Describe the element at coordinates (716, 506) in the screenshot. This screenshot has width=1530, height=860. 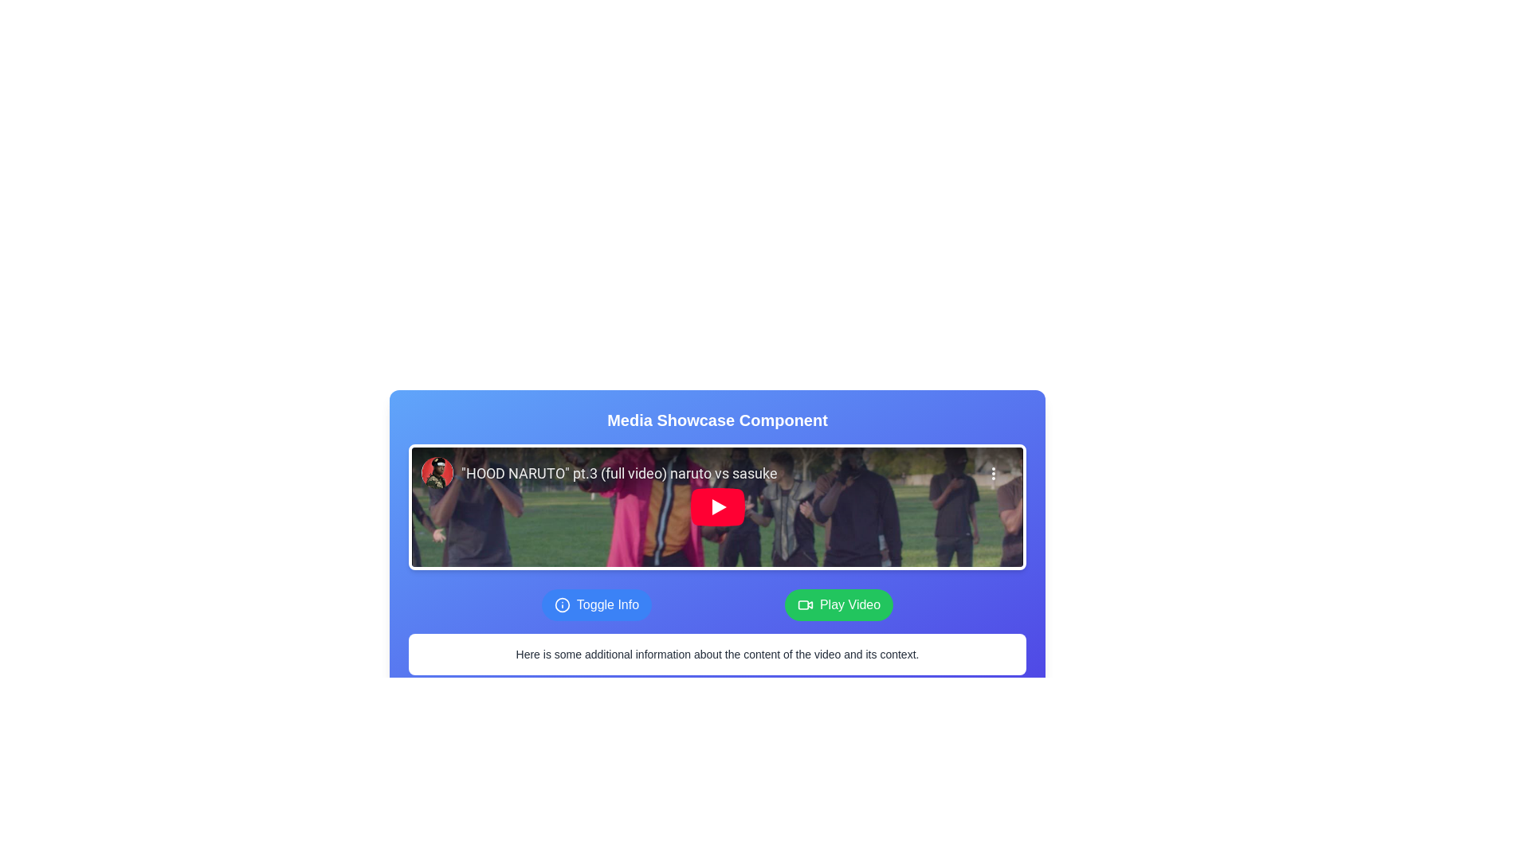
I see `the play button in the center of the Embedded Video Frame displaying 'Amazing Video'` at that location.